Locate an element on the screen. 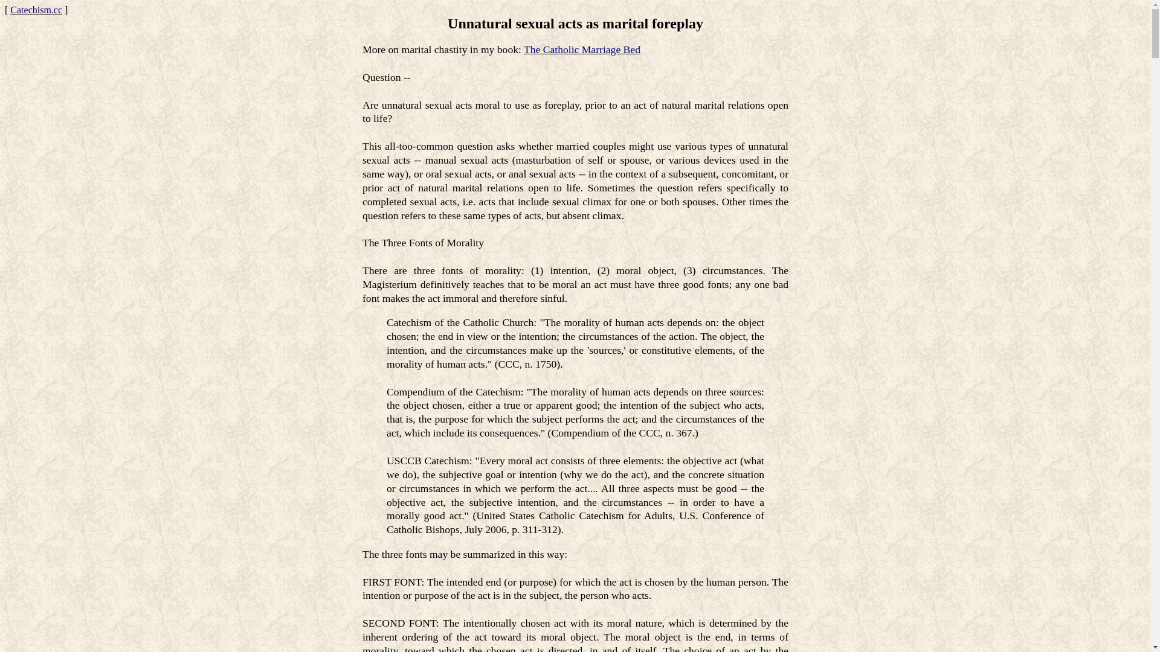  'The Catholic Marriage Bed' is located at coordinates (582, 48).